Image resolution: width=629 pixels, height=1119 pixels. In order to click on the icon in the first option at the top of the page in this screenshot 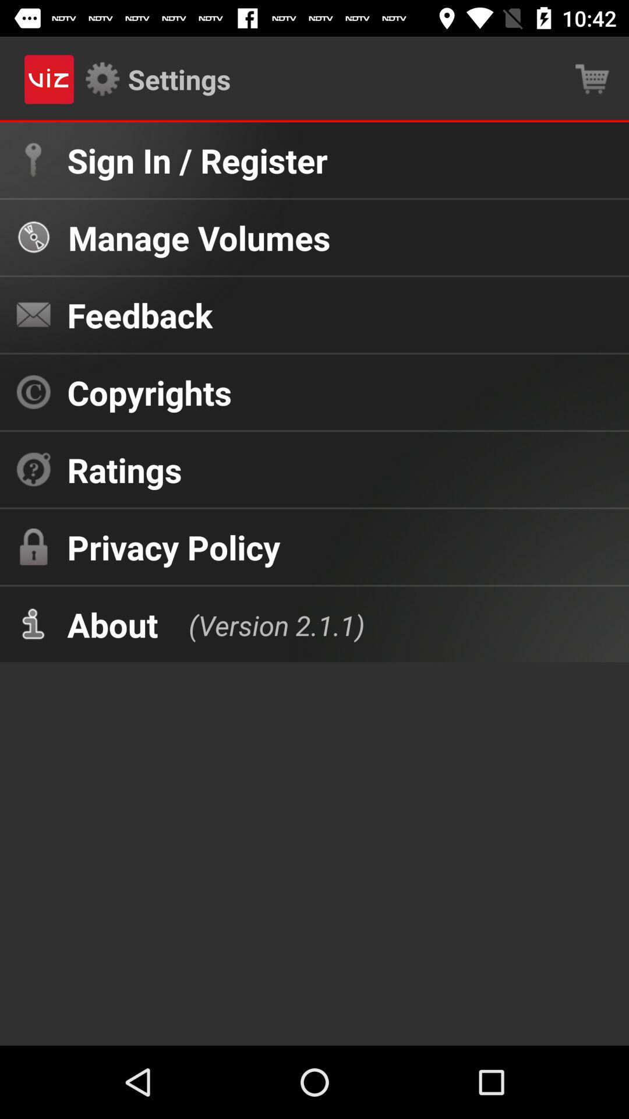, I will do `click(33, 159)`.